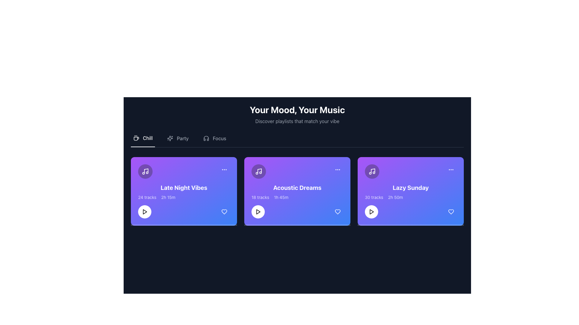 The image size is (579, 325). What do you see at coordinates (136, 138) in the screenshot?
I see `the design aesthetics of the 'Chill' icon, which is the first element in the header group titled 'Chill', located to the left of the text 'Chill' in the navigation bar` at bounding box center [136, 138].